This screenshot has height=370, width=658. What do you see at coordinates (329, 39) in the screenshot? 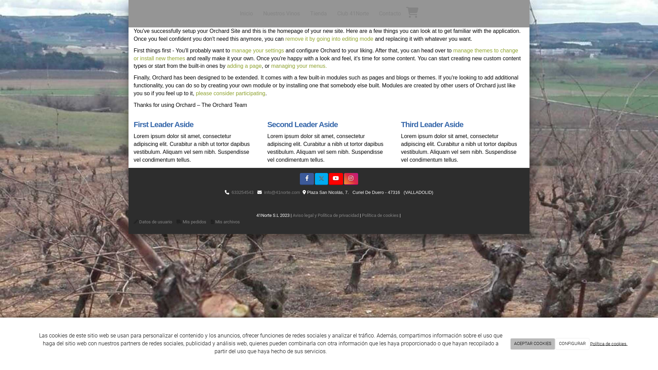
I see `'remove it by going into editing mode'` at bounding box center [329, 39].